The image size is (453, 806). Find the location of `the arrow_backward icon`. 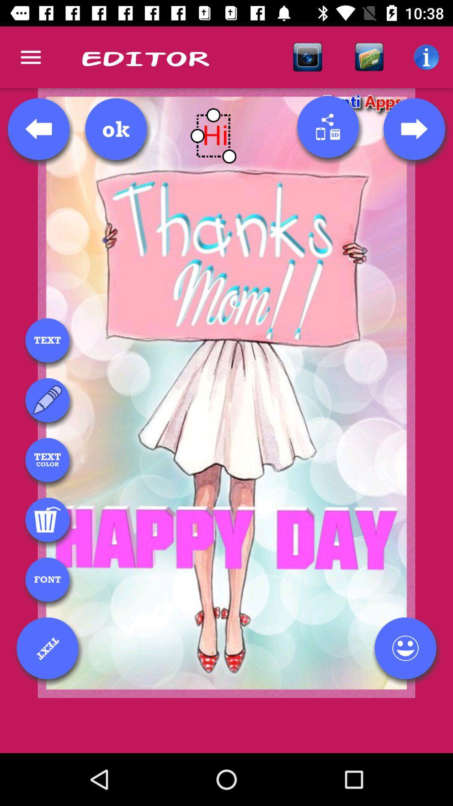

the arrow_backward icon is located at coordinates (39, 128).